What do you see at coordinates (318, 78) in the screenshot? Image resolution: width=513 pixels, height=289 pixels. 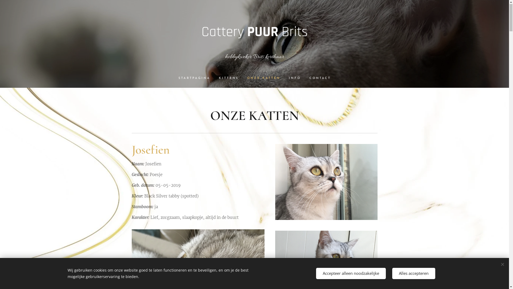 I see `'CONTACT'` at bounding box center [318, 78].